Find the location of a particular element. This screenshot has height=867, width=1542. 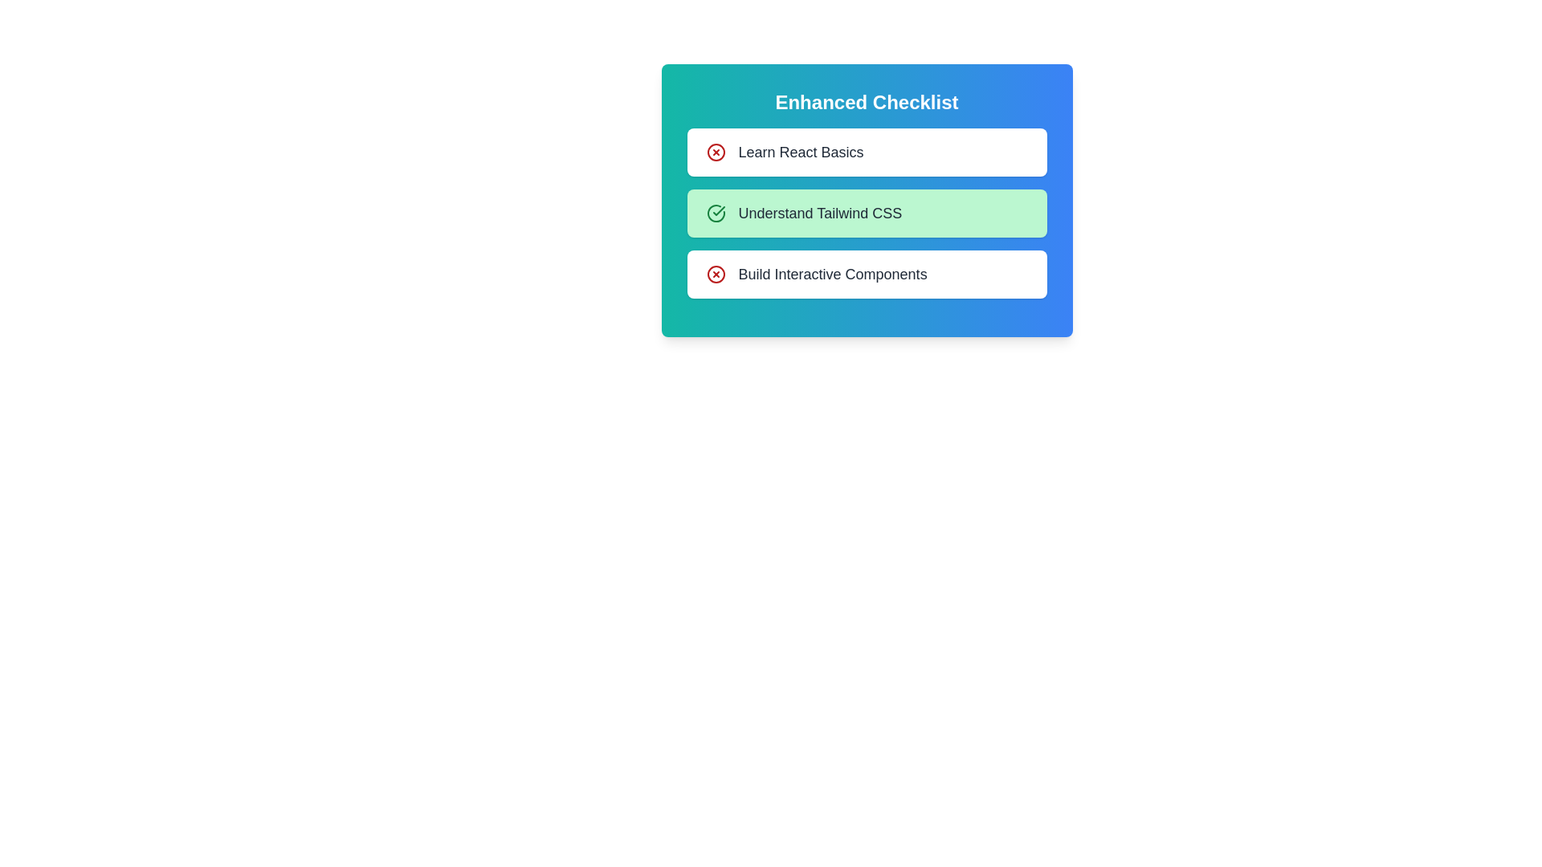

the checklist item corresponding to Understand Tailwind CSS is located at coordinates (715, 213).